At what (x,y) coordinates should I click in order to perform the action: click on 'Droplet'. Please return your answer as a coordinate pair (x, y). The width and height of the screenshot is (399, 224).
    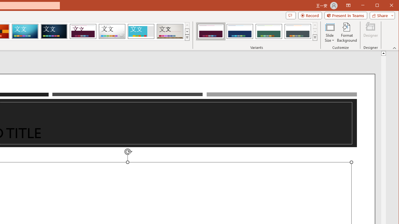
    Looking at the image, I should click on (112, 31).